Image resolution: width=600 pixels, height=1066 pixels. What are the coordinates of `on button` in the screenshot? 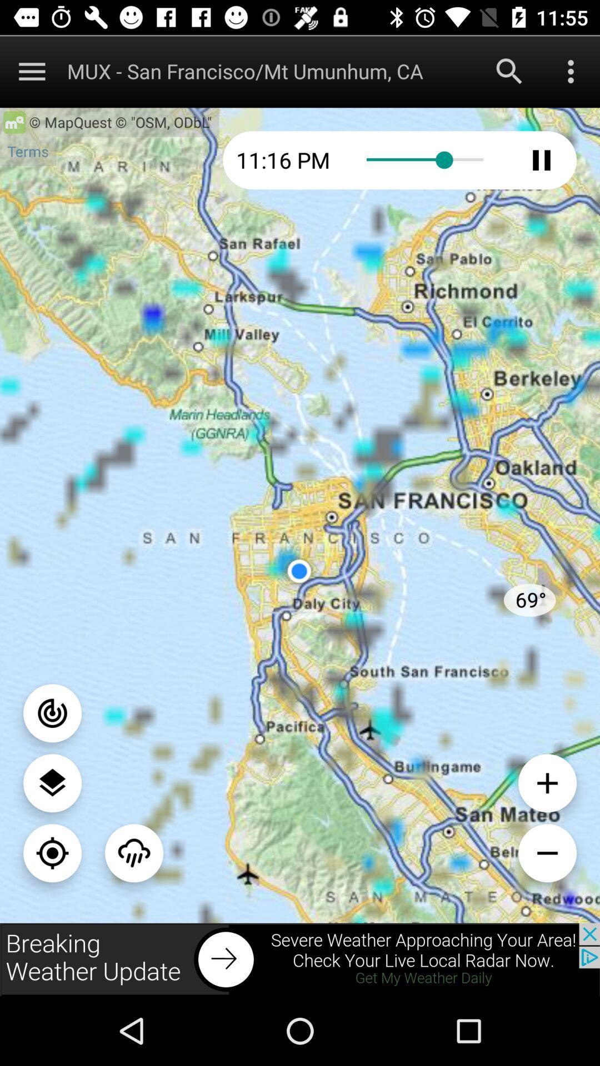 It's located at (52, 713).